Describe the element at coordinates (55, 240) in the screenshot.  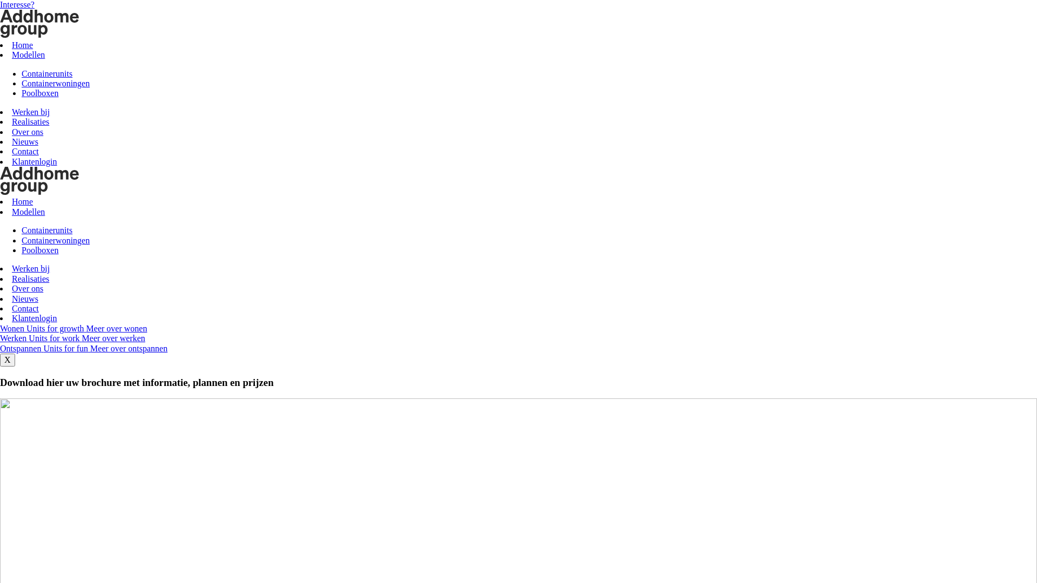
I see `'Containerwoningen'` at that location.